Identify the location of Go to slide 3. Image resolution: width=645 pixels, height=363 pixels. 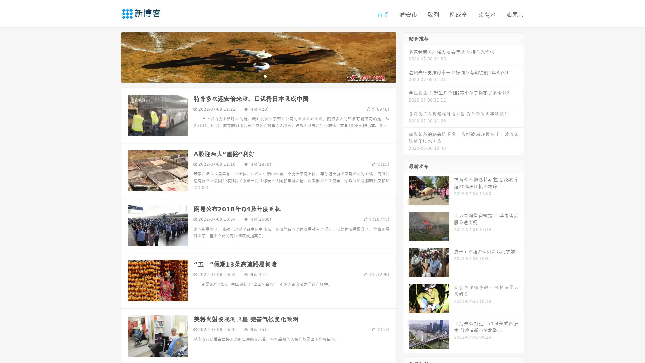
(265, 76).